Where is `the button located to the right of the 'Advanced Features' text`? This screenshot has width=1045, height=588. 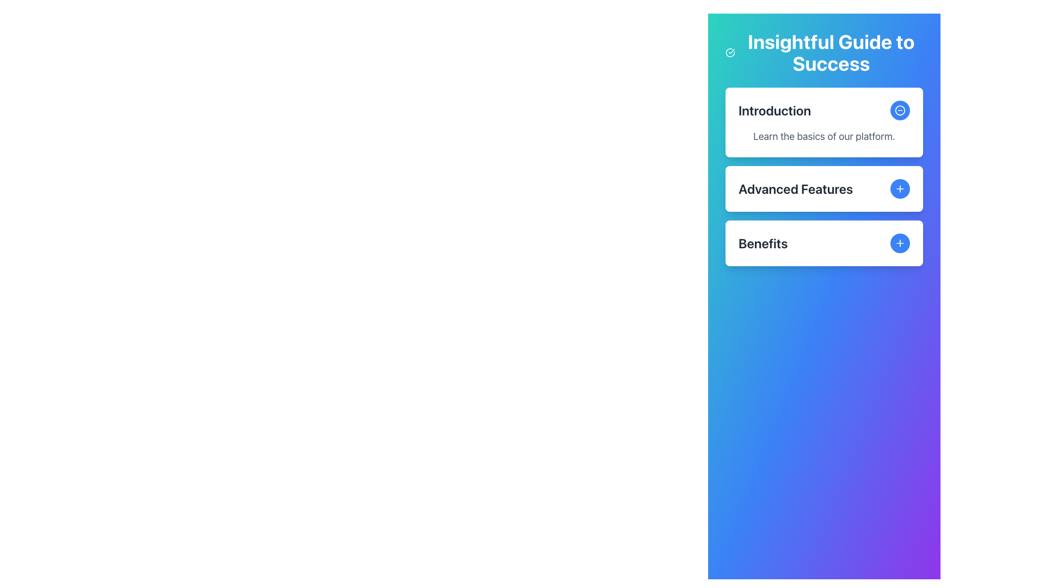 the button located to the right of the 'Advanced Features' text is located at coordinates (900, 188).